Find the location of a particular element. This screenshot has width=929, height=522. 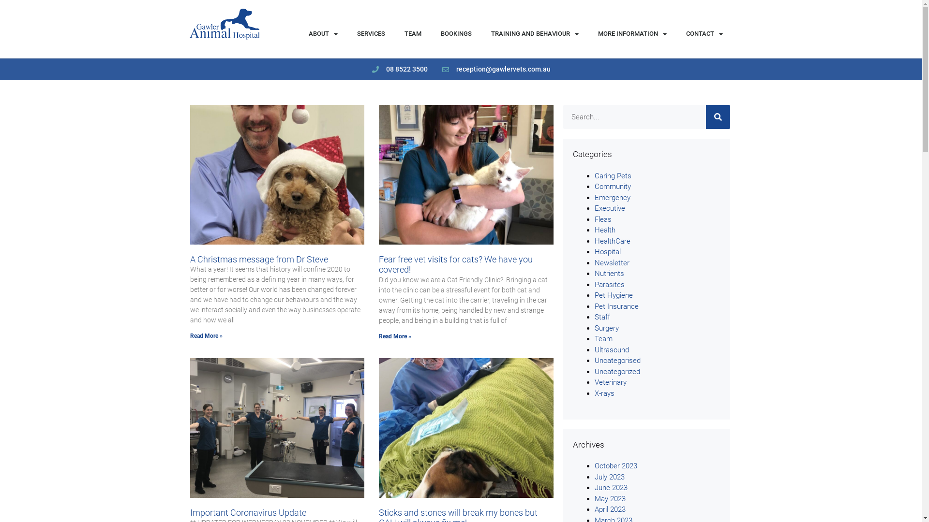

'Community' is located at coordinates (612, 186).